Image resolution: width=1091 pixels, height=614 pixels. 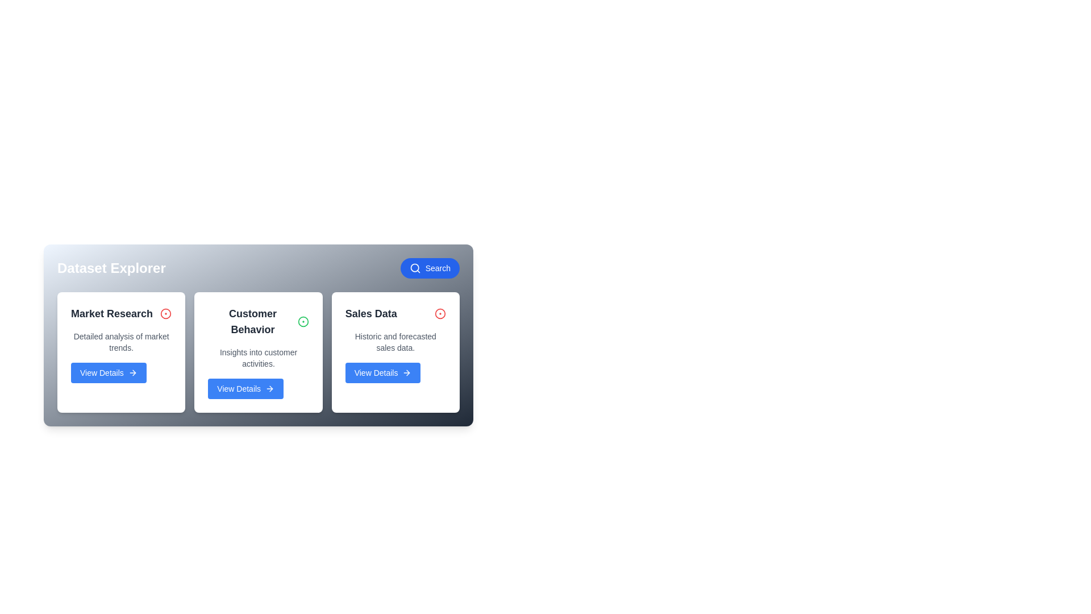 I want to click on the 'View Details' button for the dataset named Market Research, so click(x=109, y=372).